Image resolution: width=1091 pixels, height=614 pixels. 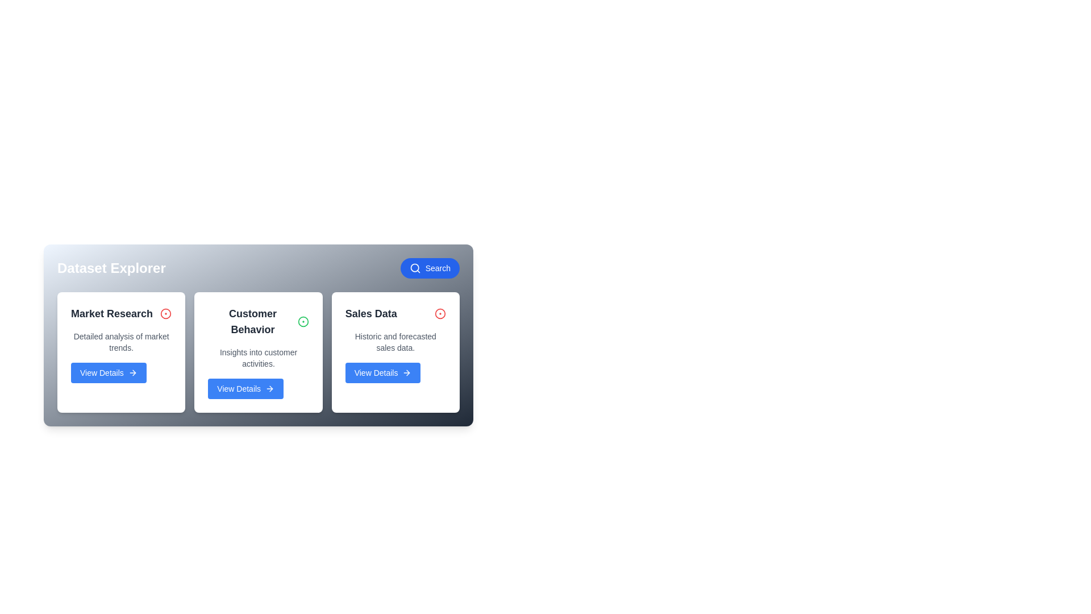 I want to click on the 'View Details' button for the dataset named Market Research, so click(x=109, y=372).